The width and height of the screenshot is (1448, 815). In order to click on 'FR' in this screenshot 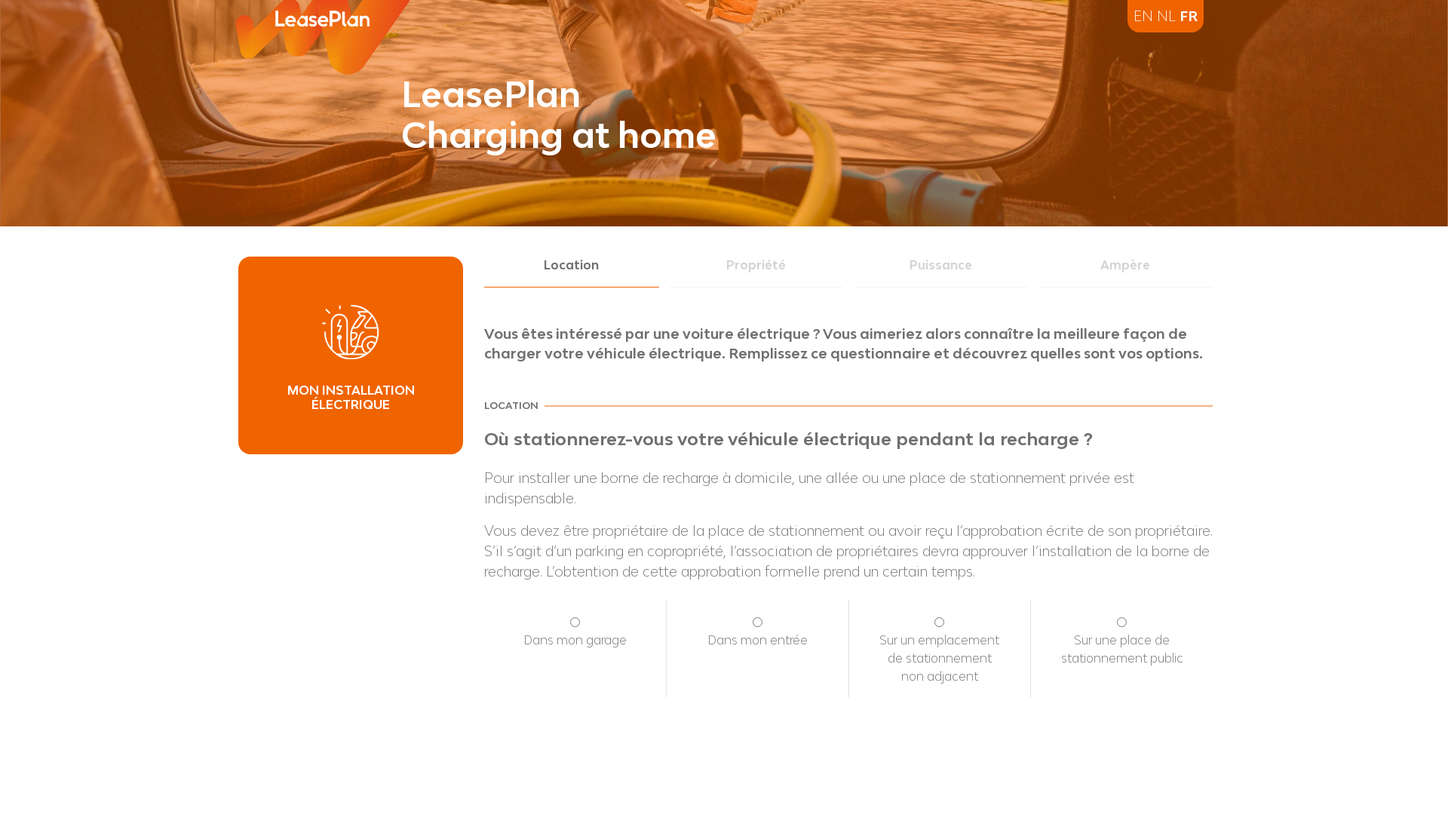, I will do `click(1187, 15)`.